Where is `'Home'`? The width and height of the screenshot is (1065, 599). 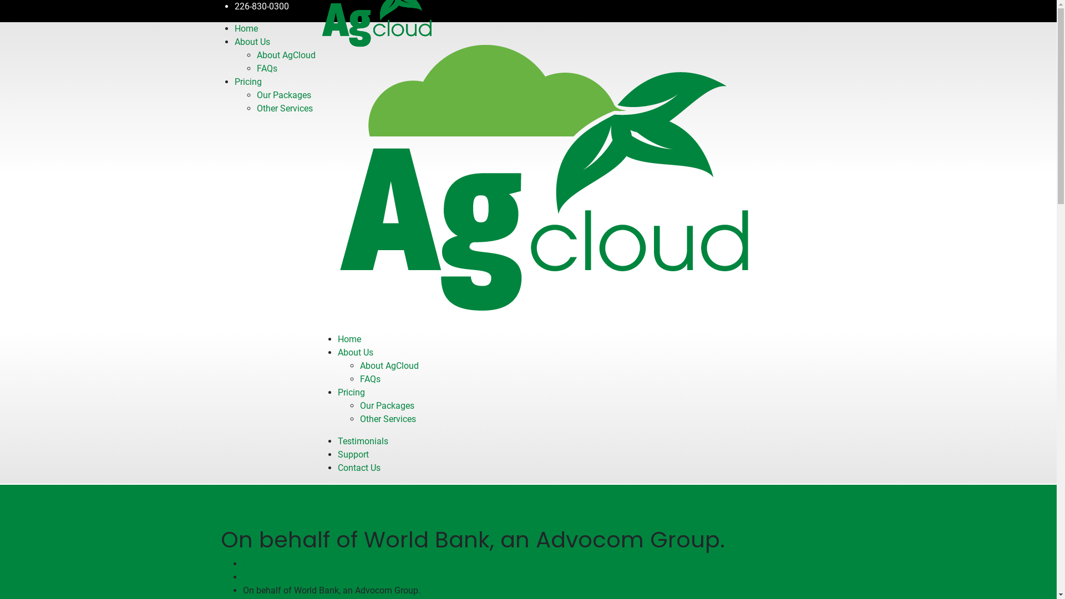
'Home' is located at coordinates (234, 28).